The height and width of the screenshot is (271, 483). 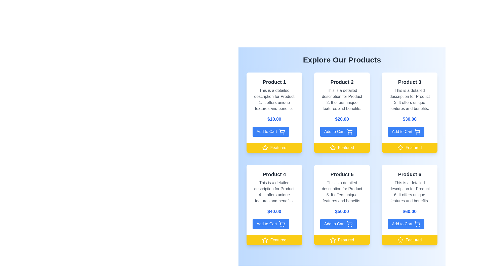 What do you see at coordinates (342, 174) in the screenshot?
I see `the 'Product 5' text label, which is a bold, larger title in the second row of a product card` at bounding box center [342, 174].